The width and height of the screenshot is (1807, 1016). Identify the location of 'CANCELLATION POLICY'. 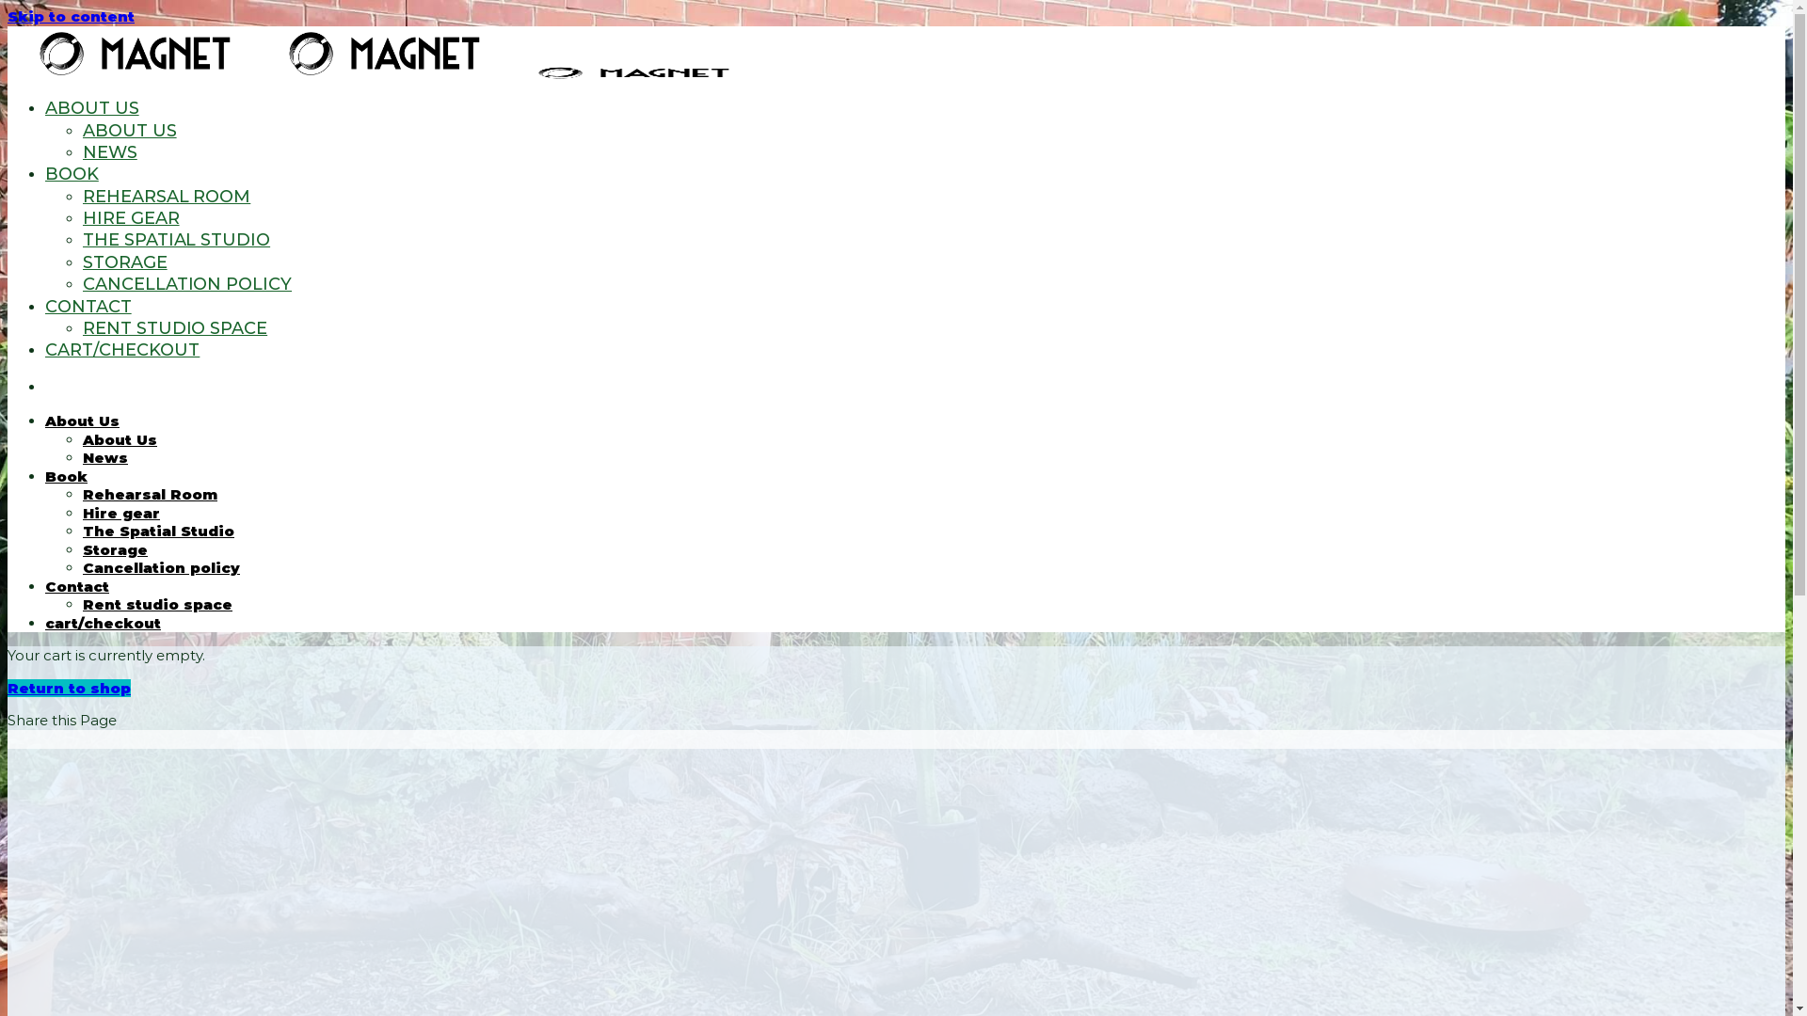
(186, 283).